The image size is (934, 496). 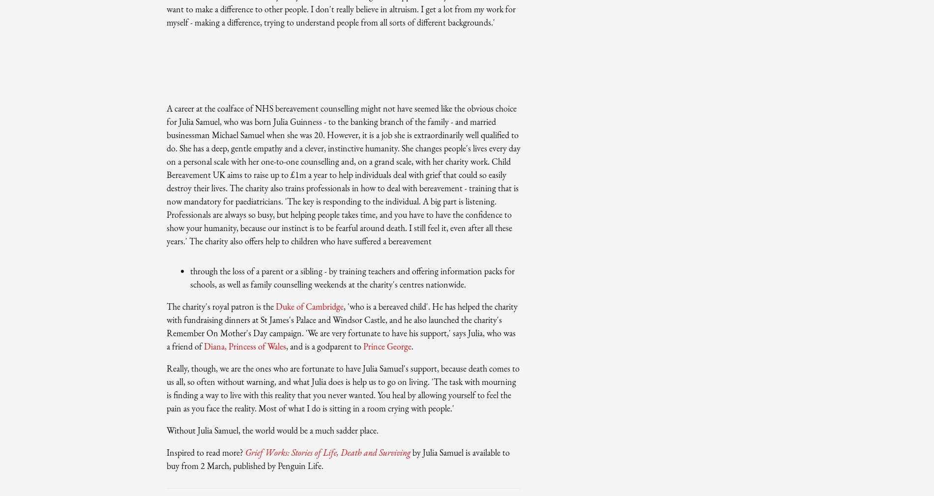 I want to click on 'by Julia Samuel is available to buy from 2 March, published by Penguin Life.', so click(x=338, y=459).